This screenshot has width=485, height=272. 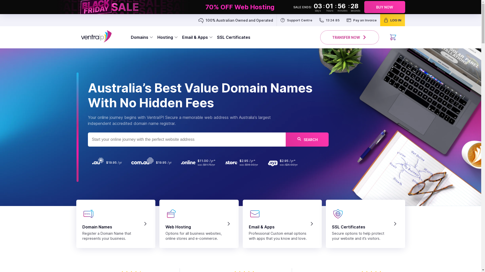 What do you see at coordinates (167, 37) in the screenshot?
I see `'Hosting'` at bounding box center [167, 37].